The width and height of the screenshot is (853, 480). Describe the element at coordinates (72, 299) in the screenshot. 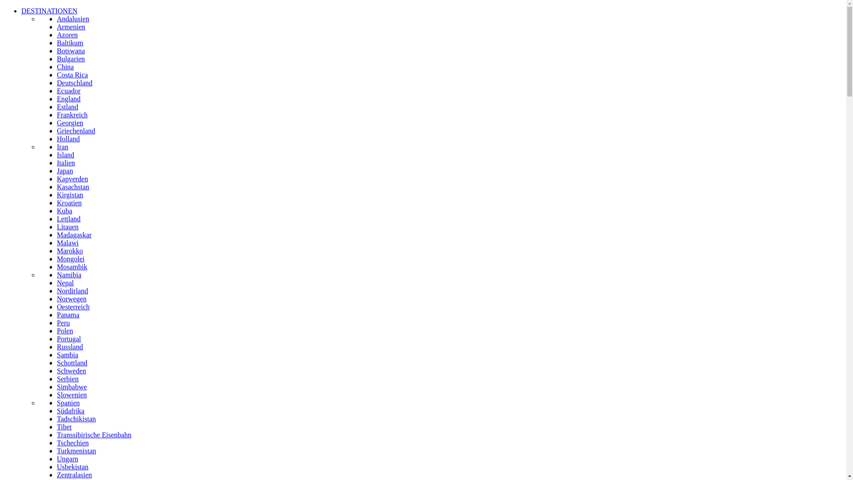

I see `'Norwegen'` at that location.